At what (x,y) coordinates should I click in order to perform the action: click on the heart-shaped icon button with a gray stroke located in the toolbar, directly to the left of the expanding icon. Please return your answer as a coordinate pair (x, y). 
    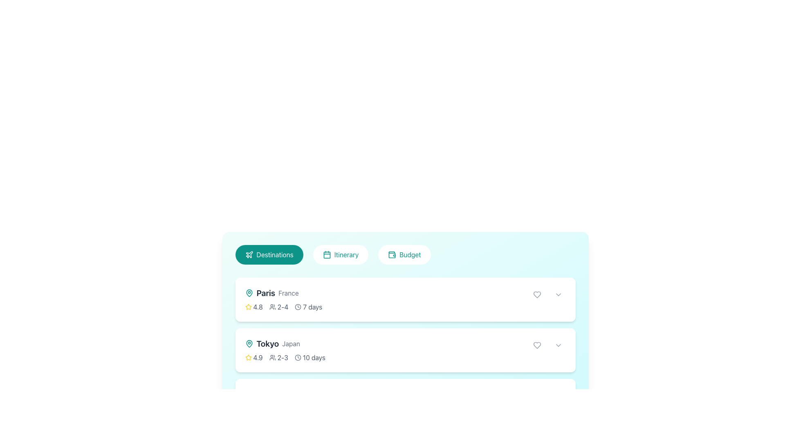
    Looking at the image, I should click on (537, 345).